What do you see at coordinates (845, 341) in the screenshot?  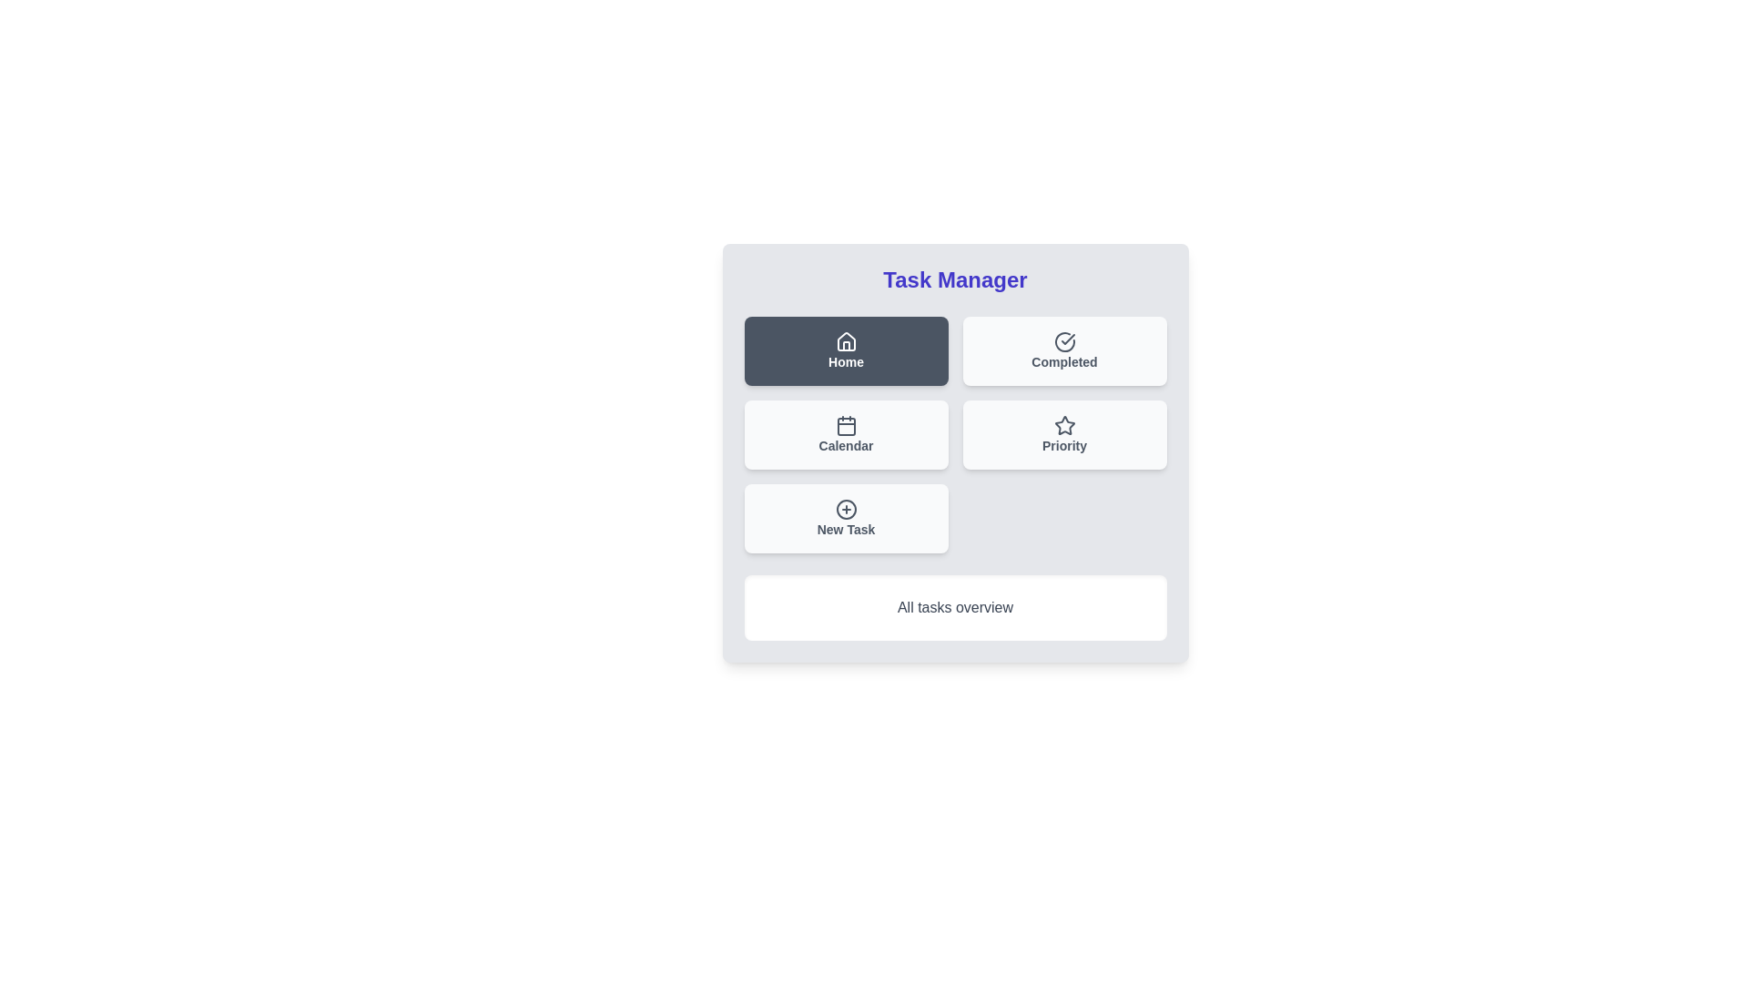 I see `the 'Home' graphical icon located at the top-left corner of the main interactive area to navigate to the 'Home' section of the application` at bounding box center [845, 341].